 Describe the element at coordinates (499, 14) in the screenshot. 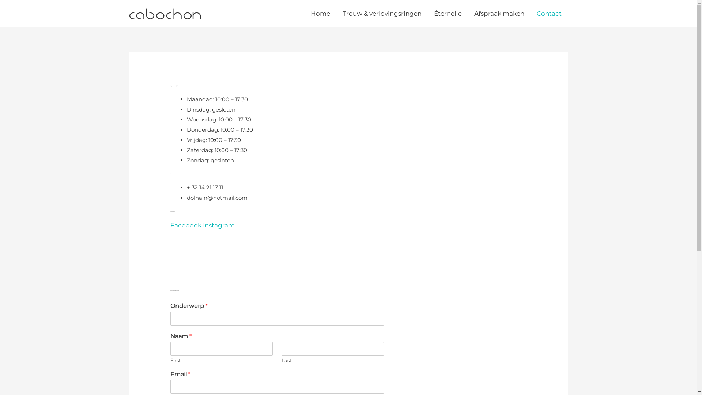

I see `'Afspraak maken'` at that location.